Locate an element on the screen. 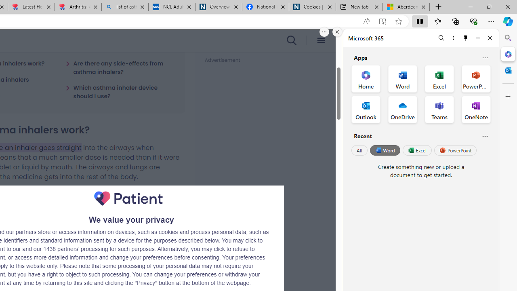  'Close split screen.' is located at coordinates (337, 32).